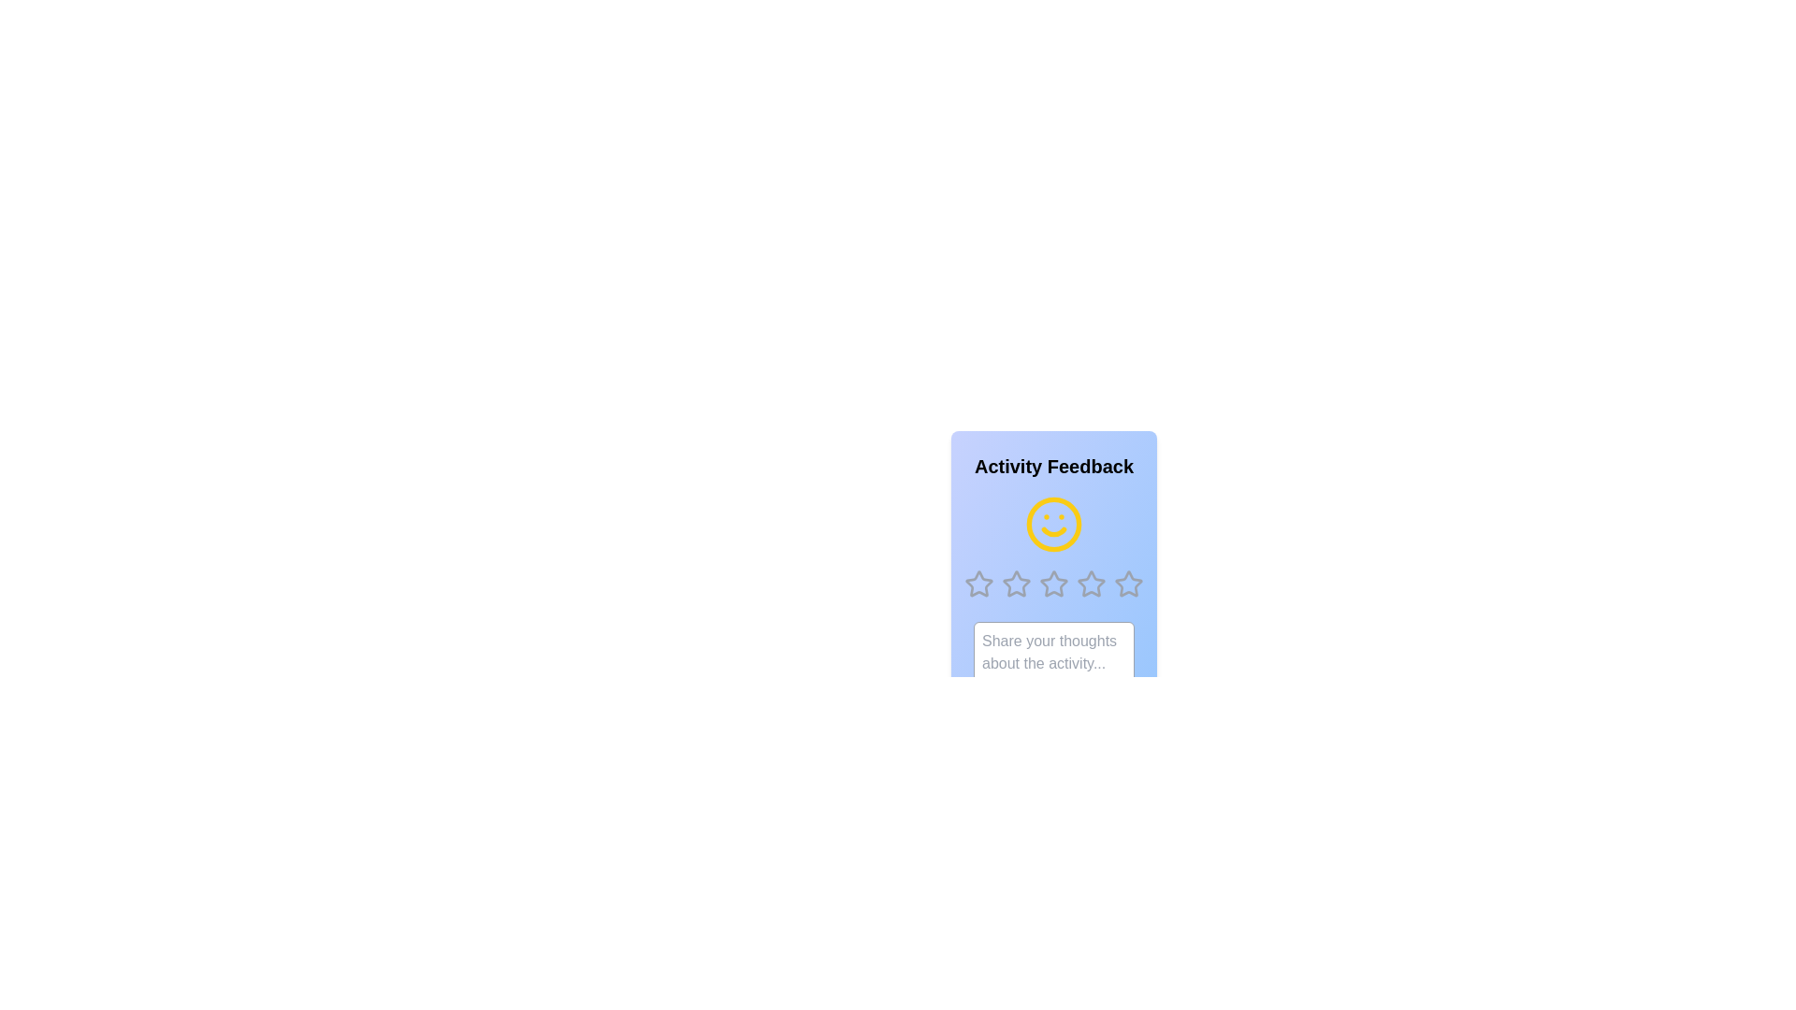  I want to click on the fifth star icon in the rating system located below 'Activity Feedback' to indicate a rating of five out of six, so click(1091, 583).